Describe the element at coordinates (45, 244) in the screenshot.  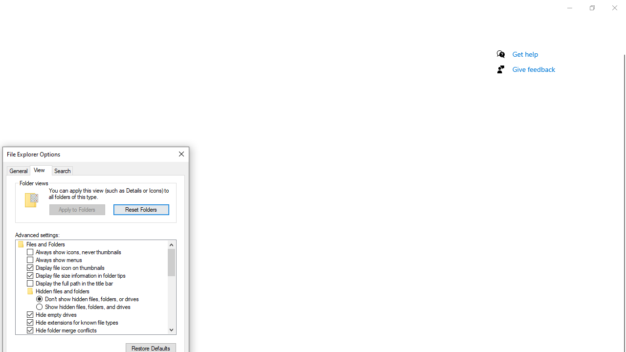
I see `'Files and Folders'` at that location.